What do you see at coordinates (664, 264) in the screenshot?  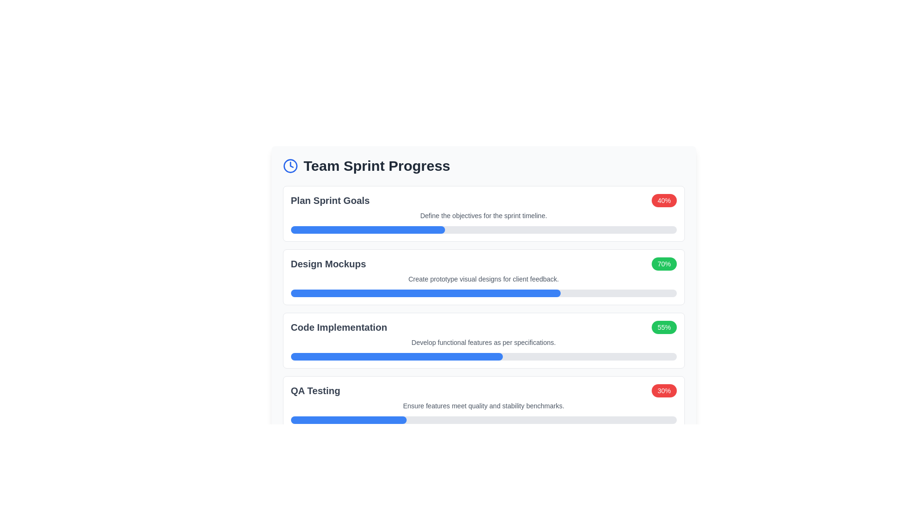 I see `the Progress Indicator displaying '70%' with a green background, located in the 'Design Mockups' row towards the right end` at bounding box center [664, 264].